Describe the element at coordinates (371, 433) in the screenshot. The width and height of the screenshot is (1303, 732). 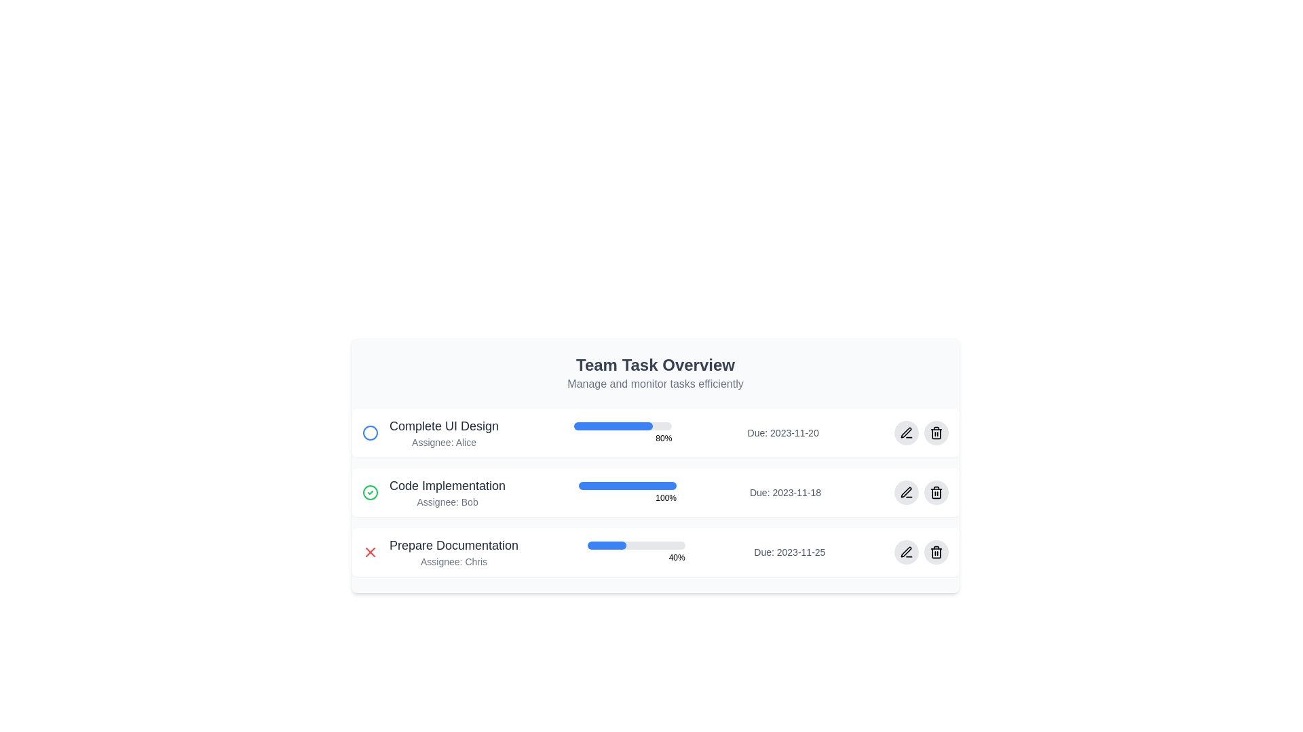
I see `the blue circular icon with a hollow center, located to the left of the text 'Complete UI Design' in the task list` at that location.